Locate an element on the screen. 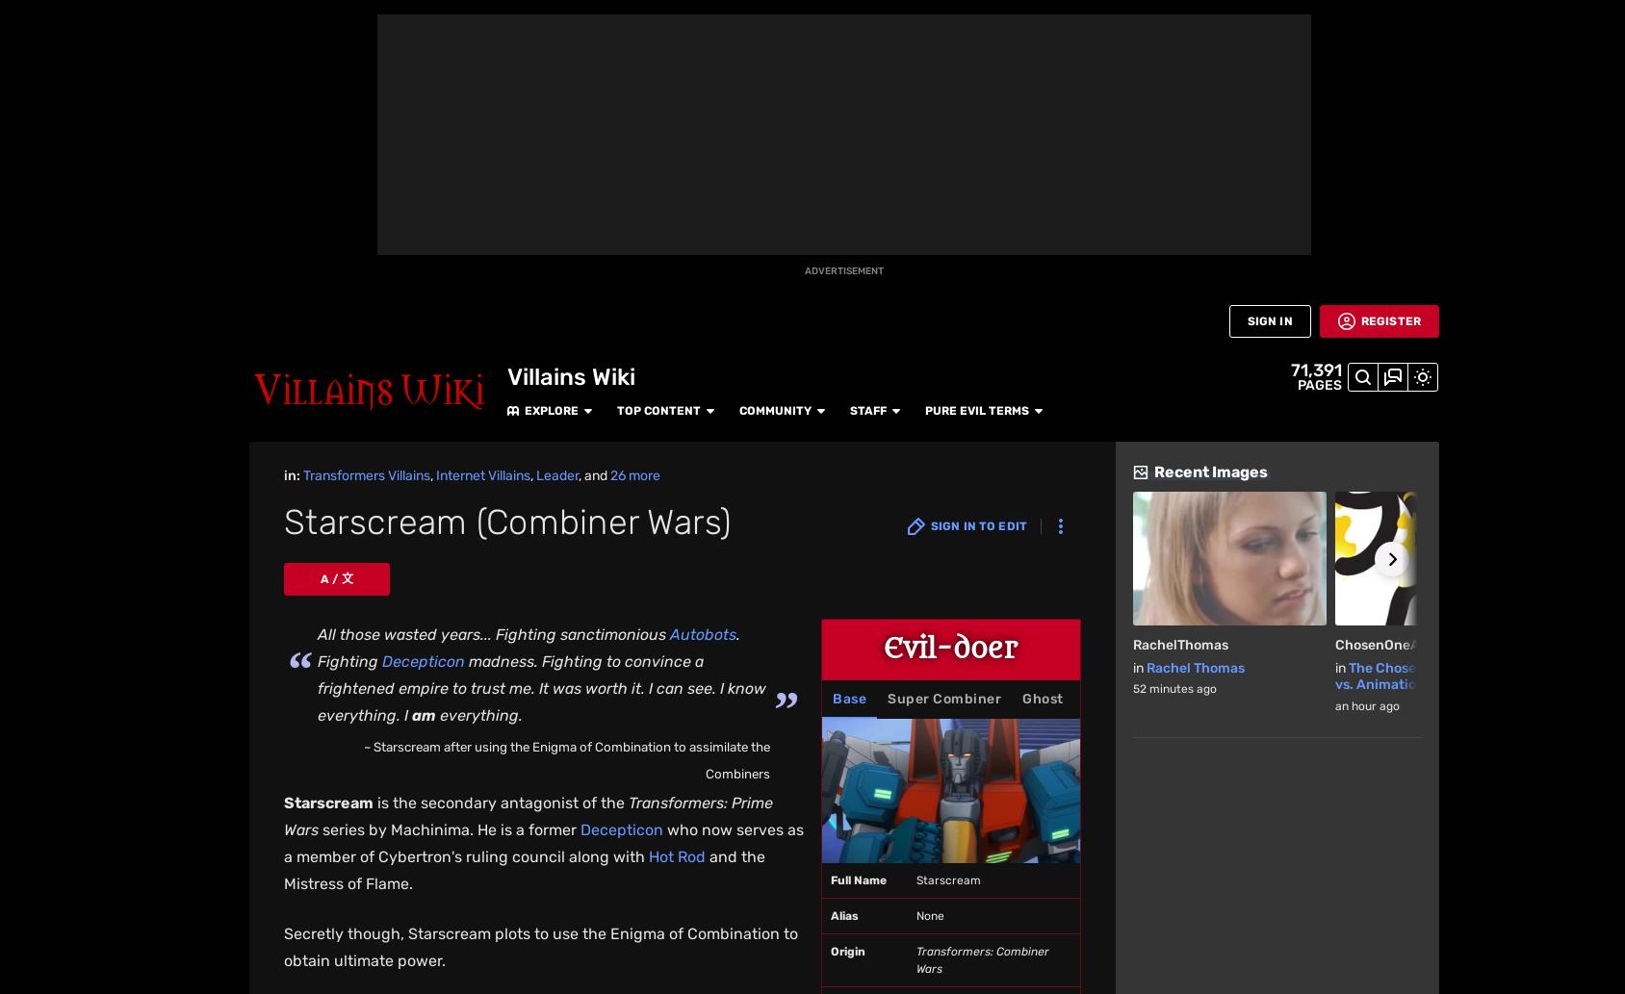 This screenshot has width=1625, height=994. 'Charismatic' is located at coordinates (530, 872).